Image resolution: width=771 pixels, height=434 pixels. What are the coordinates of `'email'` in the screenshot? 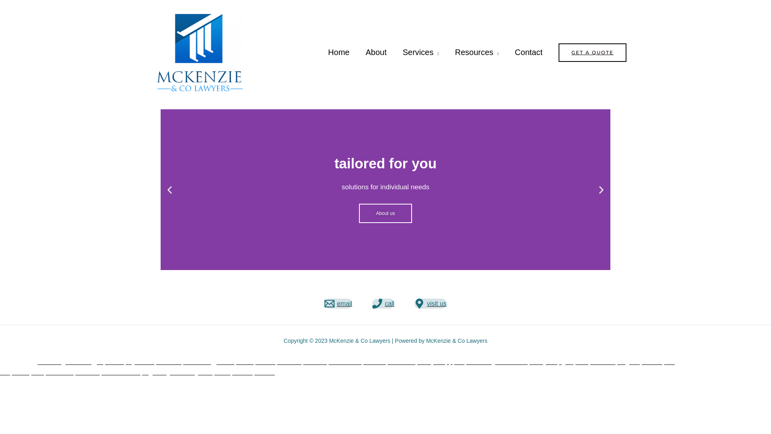 It's located at (338, 303).